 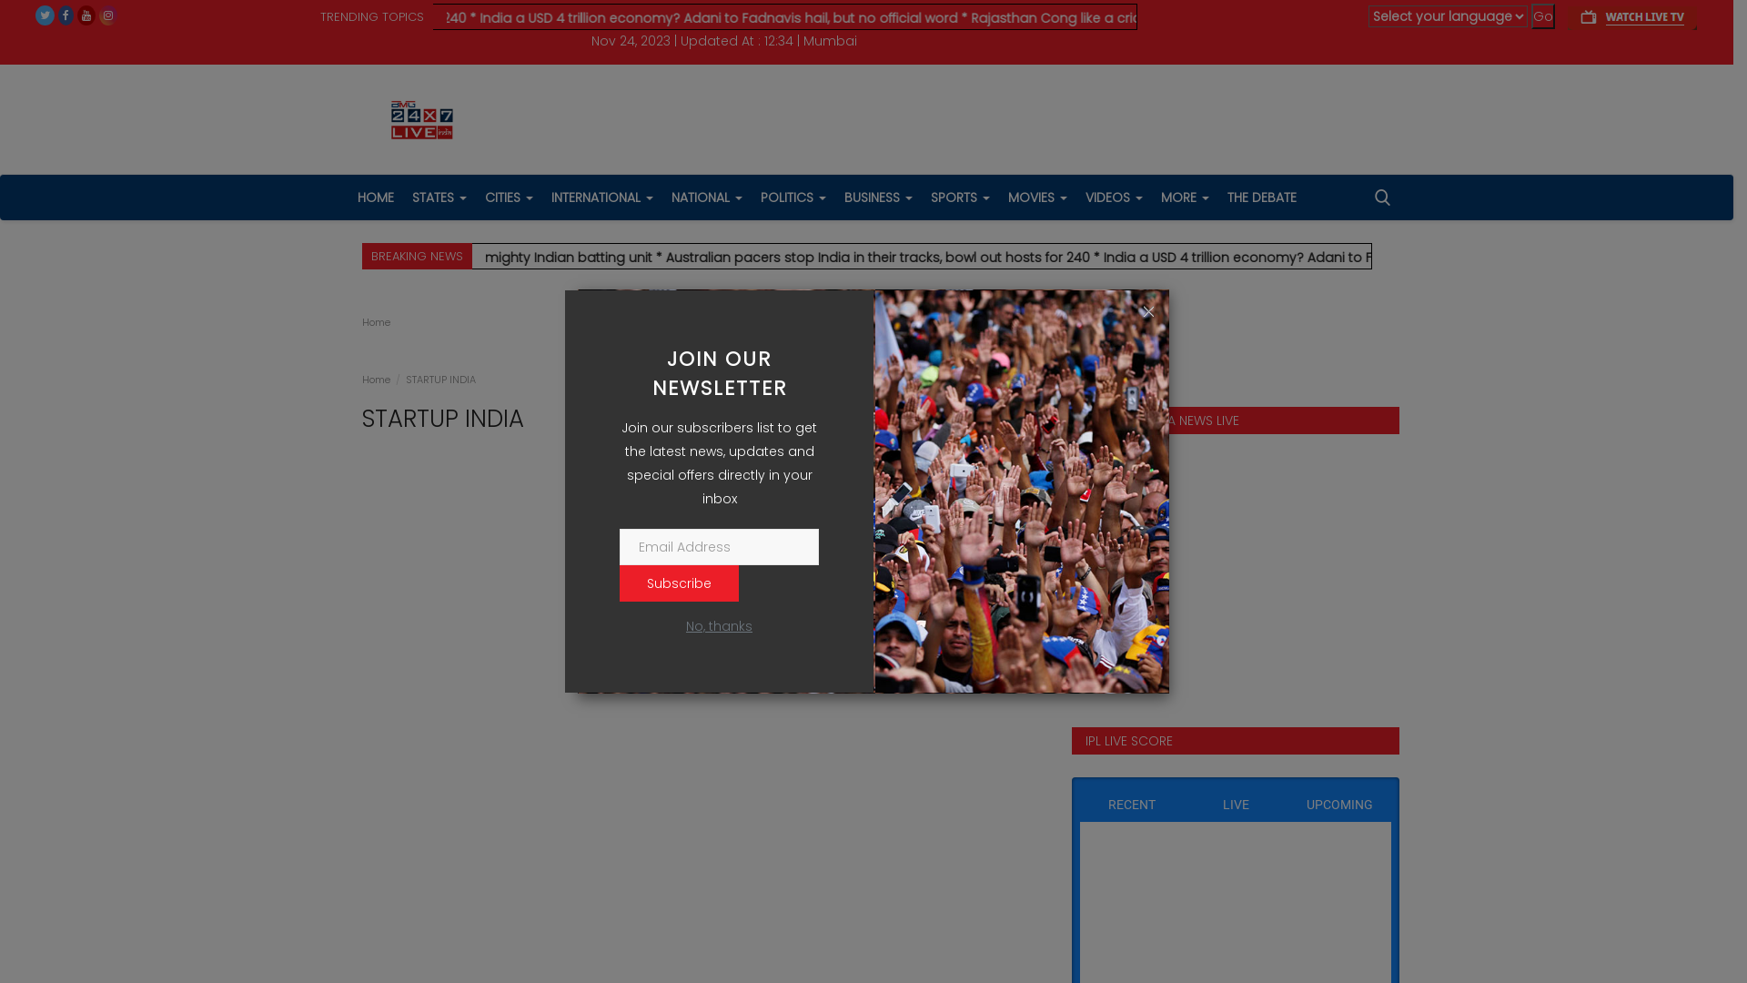 What do you see at coordinates (718, 624) in the screenshot?
I see `'No, thanks'` at bounding box center [718, 624].